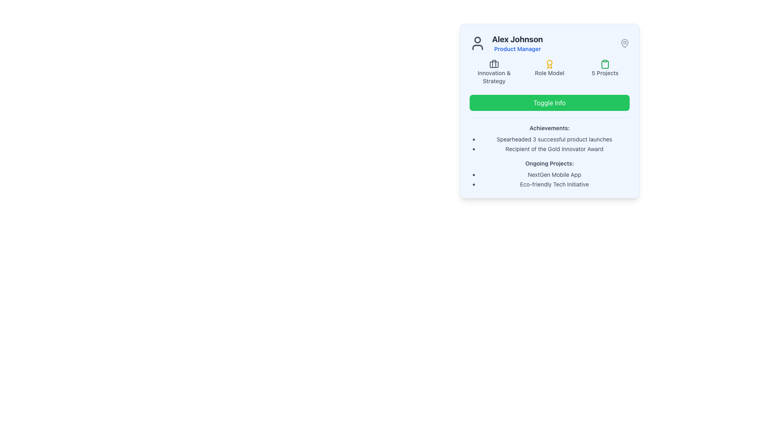 The image size is (772, 434). Describe the element at coordinates (624, 43) in the screenshot. I see `the map pin icon located at the top-right corner of the user information card displaying 'Alex Johnson', indicating location-related features` at that location.